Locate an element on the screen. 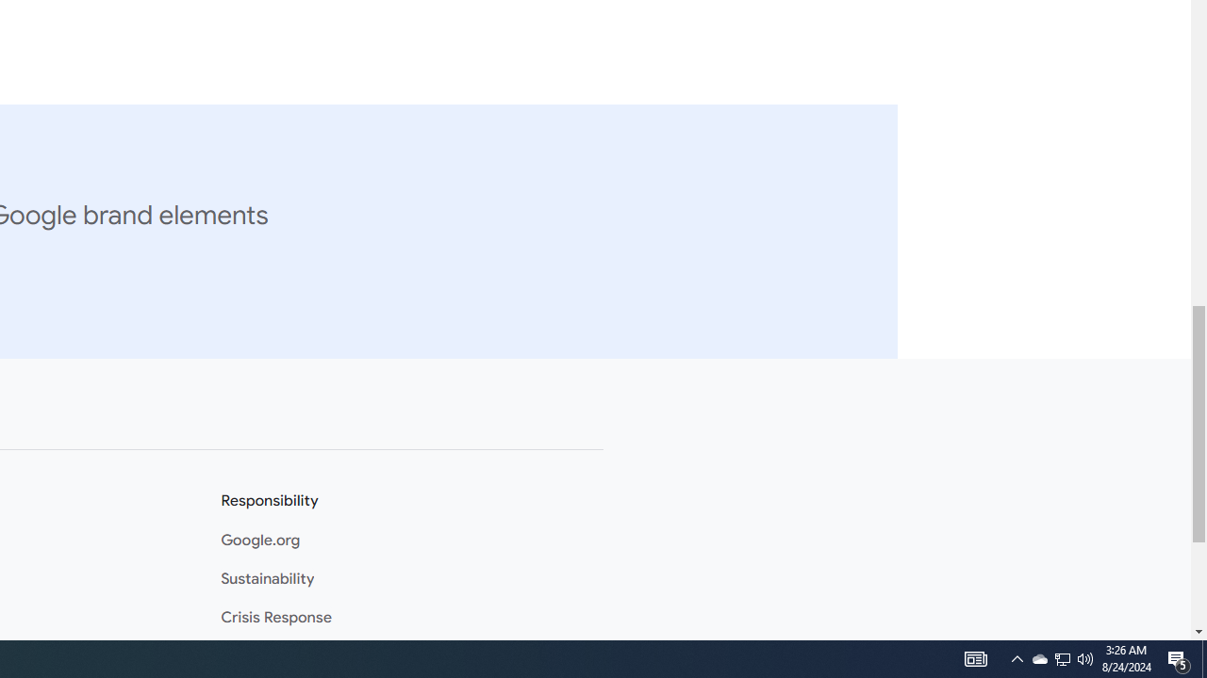 The height and width of the screenshot is (678, 1207). 'Crisis Response' is located at coordinates (275, 618).